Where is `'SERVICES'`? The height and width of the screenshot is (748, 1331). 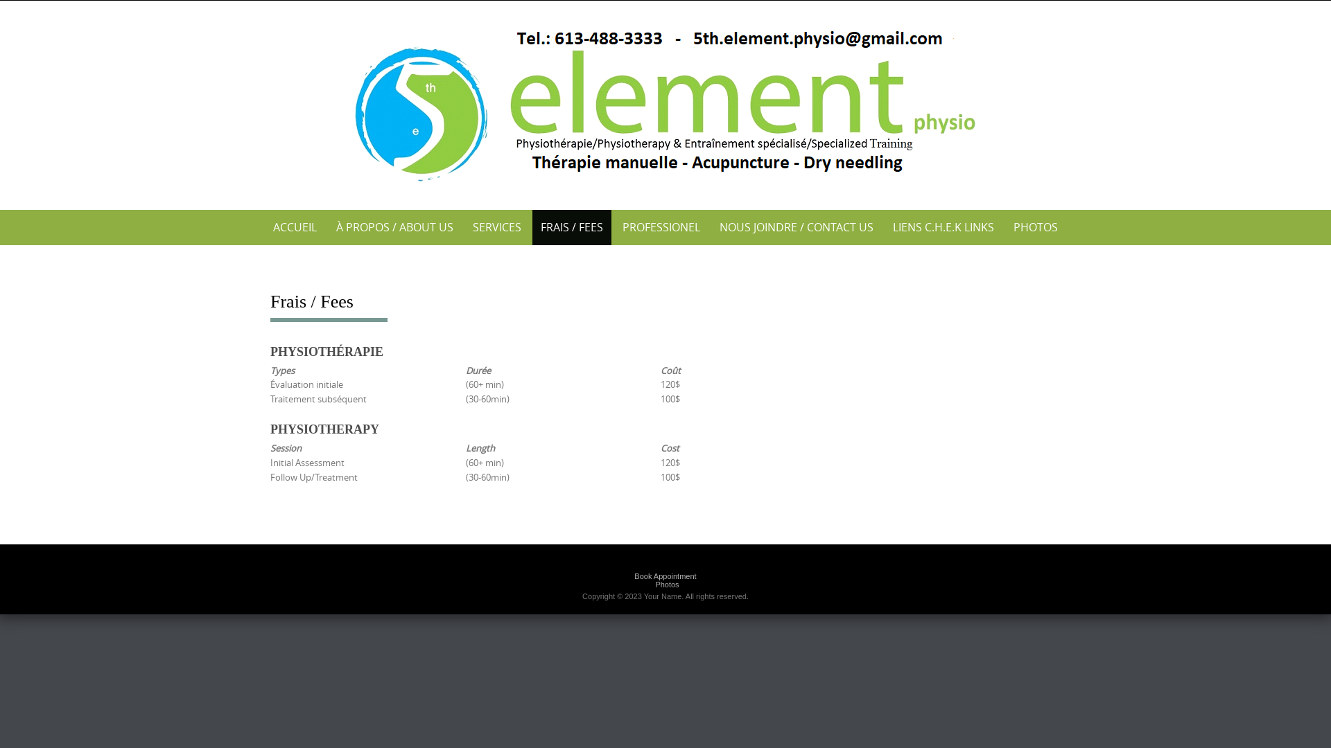 'SERVICES' is located at coordinates (496, 226).